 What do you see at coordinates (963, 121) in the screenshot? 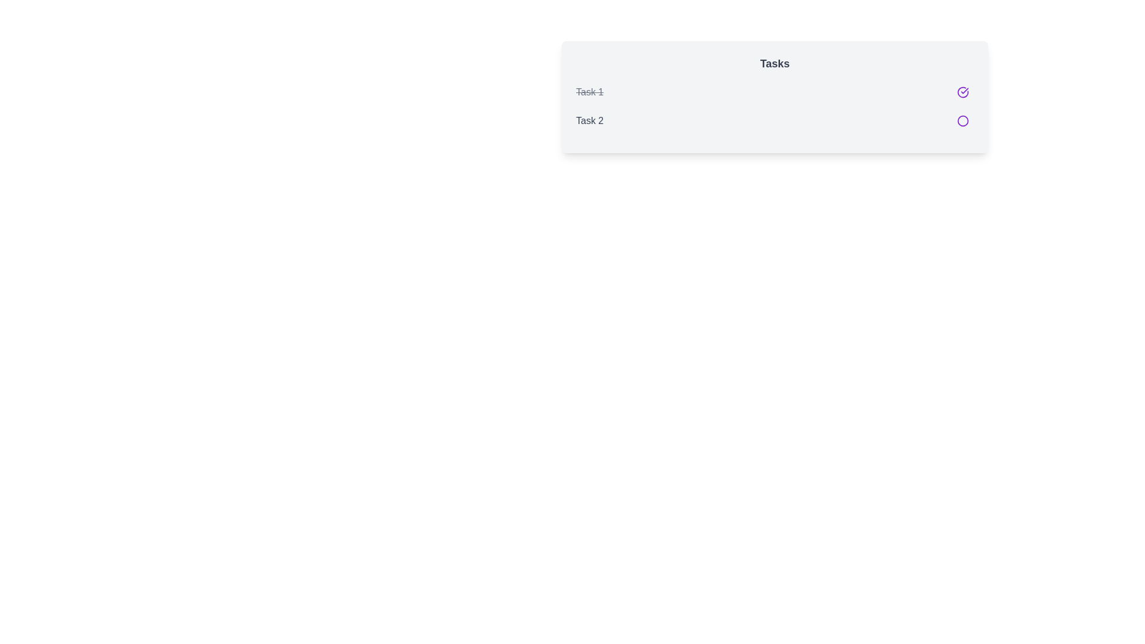
I see `the circular icon with a purple outline and a hollow center located in the second row of task items, adjacent to 'Task 2'` at bounding box center [963, 121].